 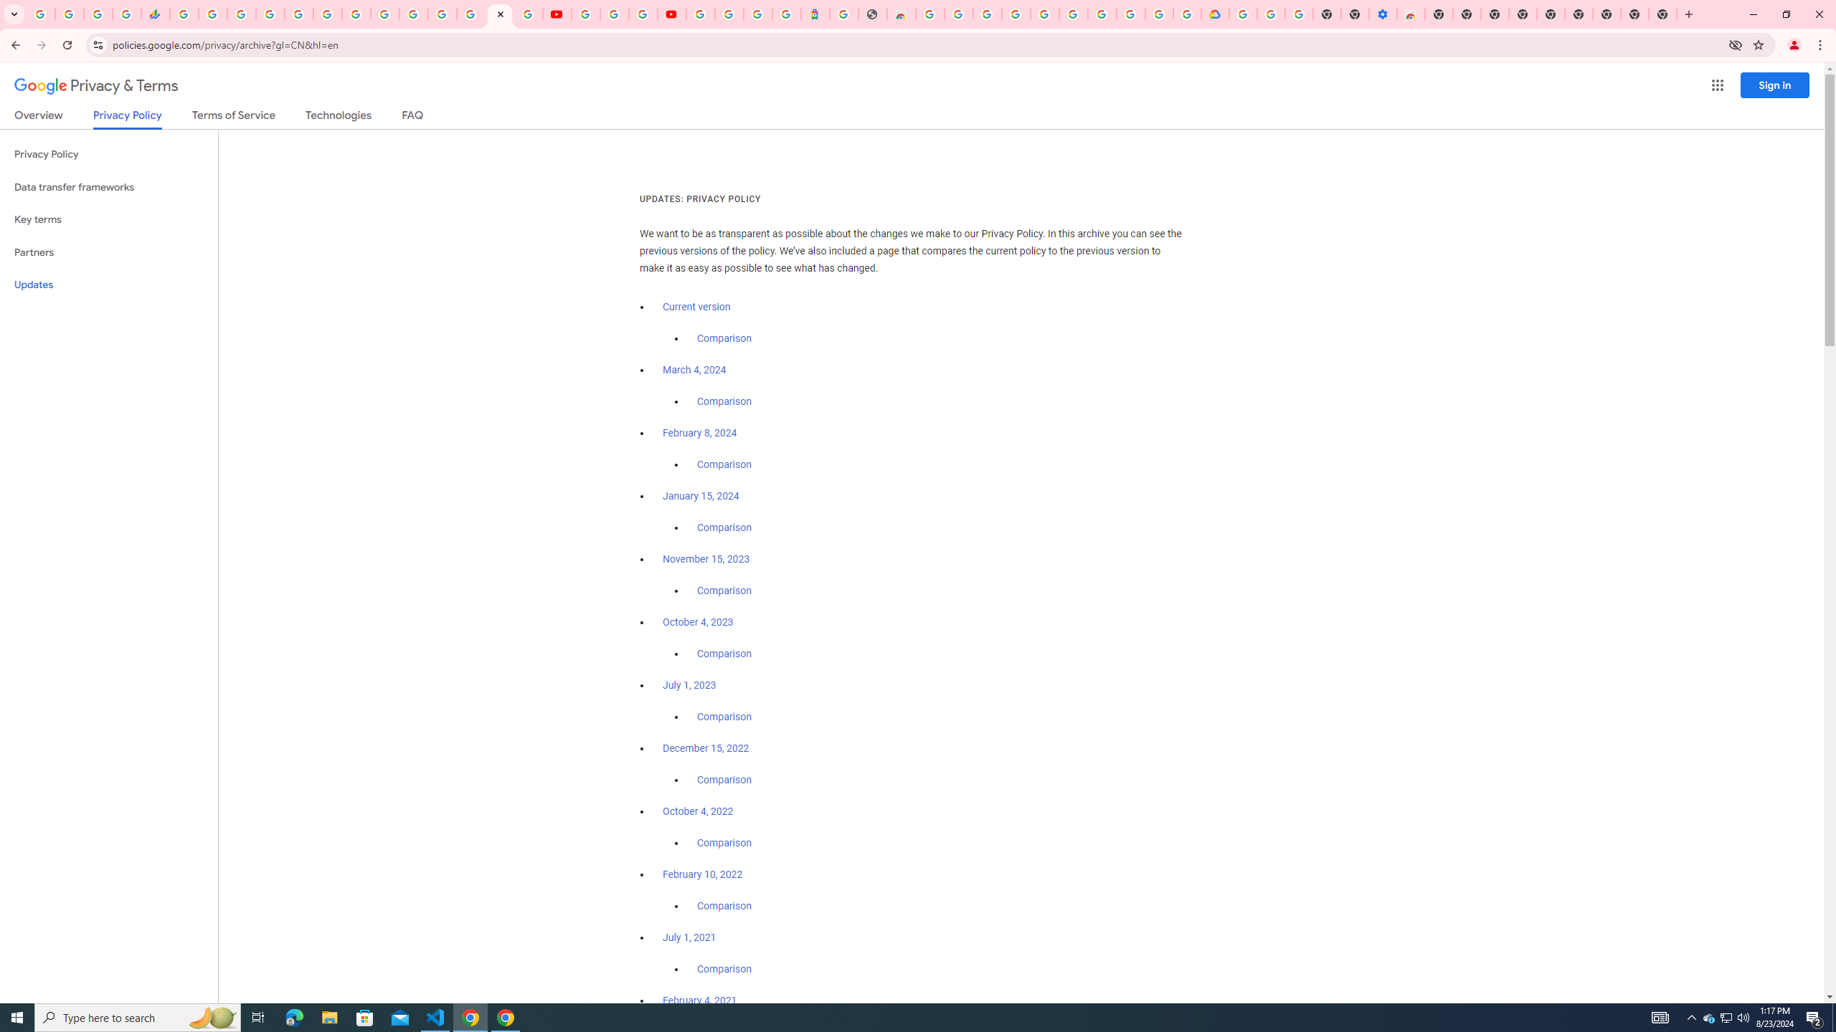 I want to click on 'Turn cookies on or off - Computer - Google Account Help', so click(x=1298, y=14).